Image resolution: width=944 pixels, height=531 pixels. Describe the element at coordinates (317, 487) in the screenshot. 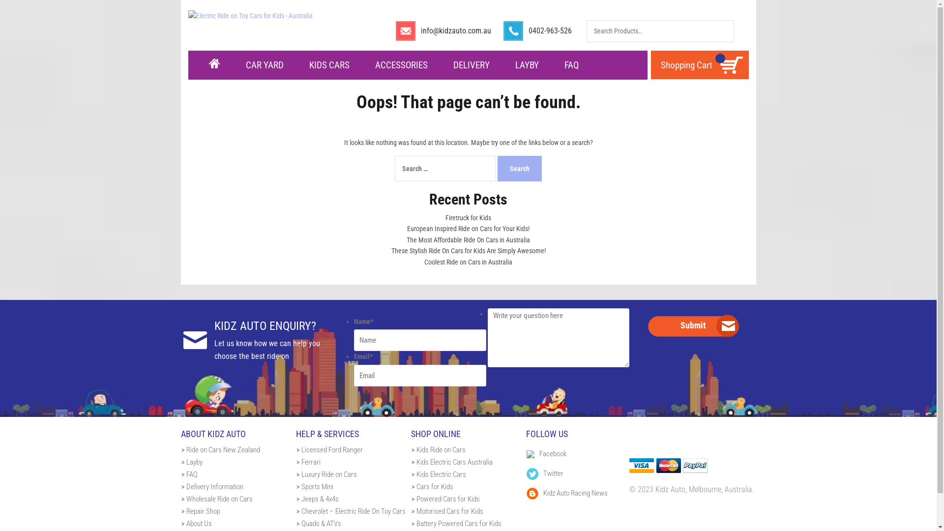

I see `'Sports Mini'` at that location.